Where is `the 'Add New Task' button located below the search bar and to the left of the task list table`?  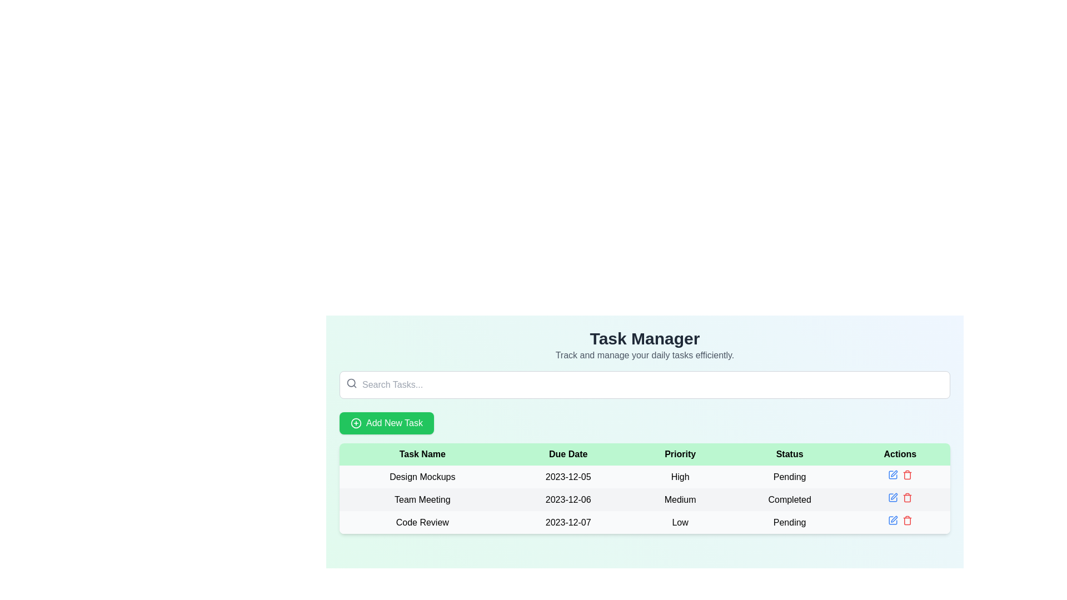
the 'Add New Task' button located below the search bar and to the left of the task list table is located at coordinates (387, 423).